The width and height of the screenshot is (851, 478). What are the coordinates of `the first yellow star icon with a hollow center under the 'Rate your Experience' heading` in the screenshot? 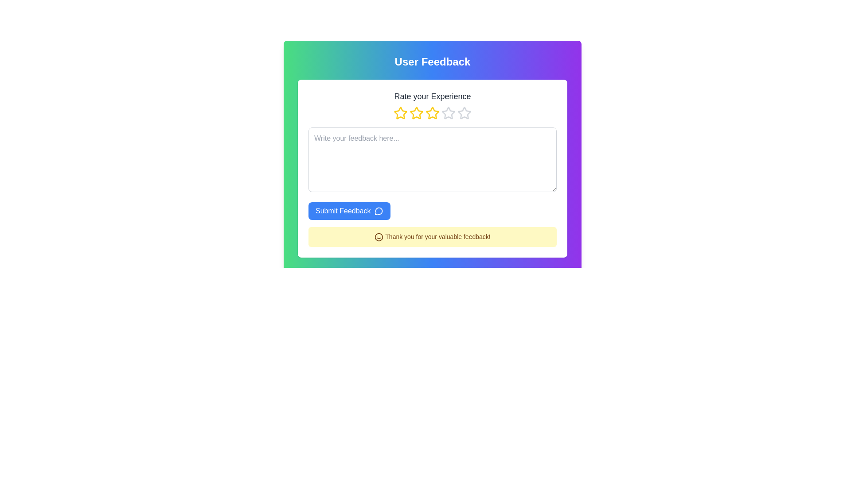 It's located at (400, 112).